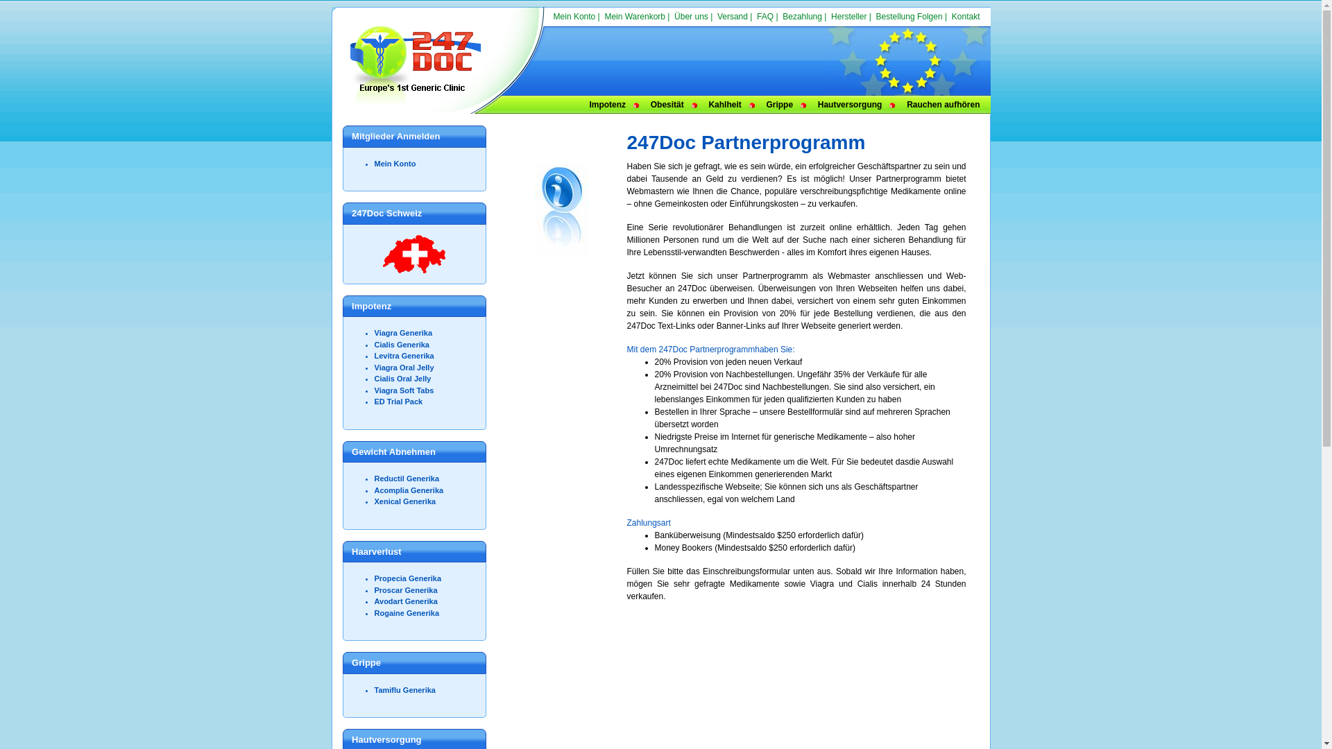 The image size is (1332, 749). I want to click on 'Acomplia Generika', so click(409, 488).